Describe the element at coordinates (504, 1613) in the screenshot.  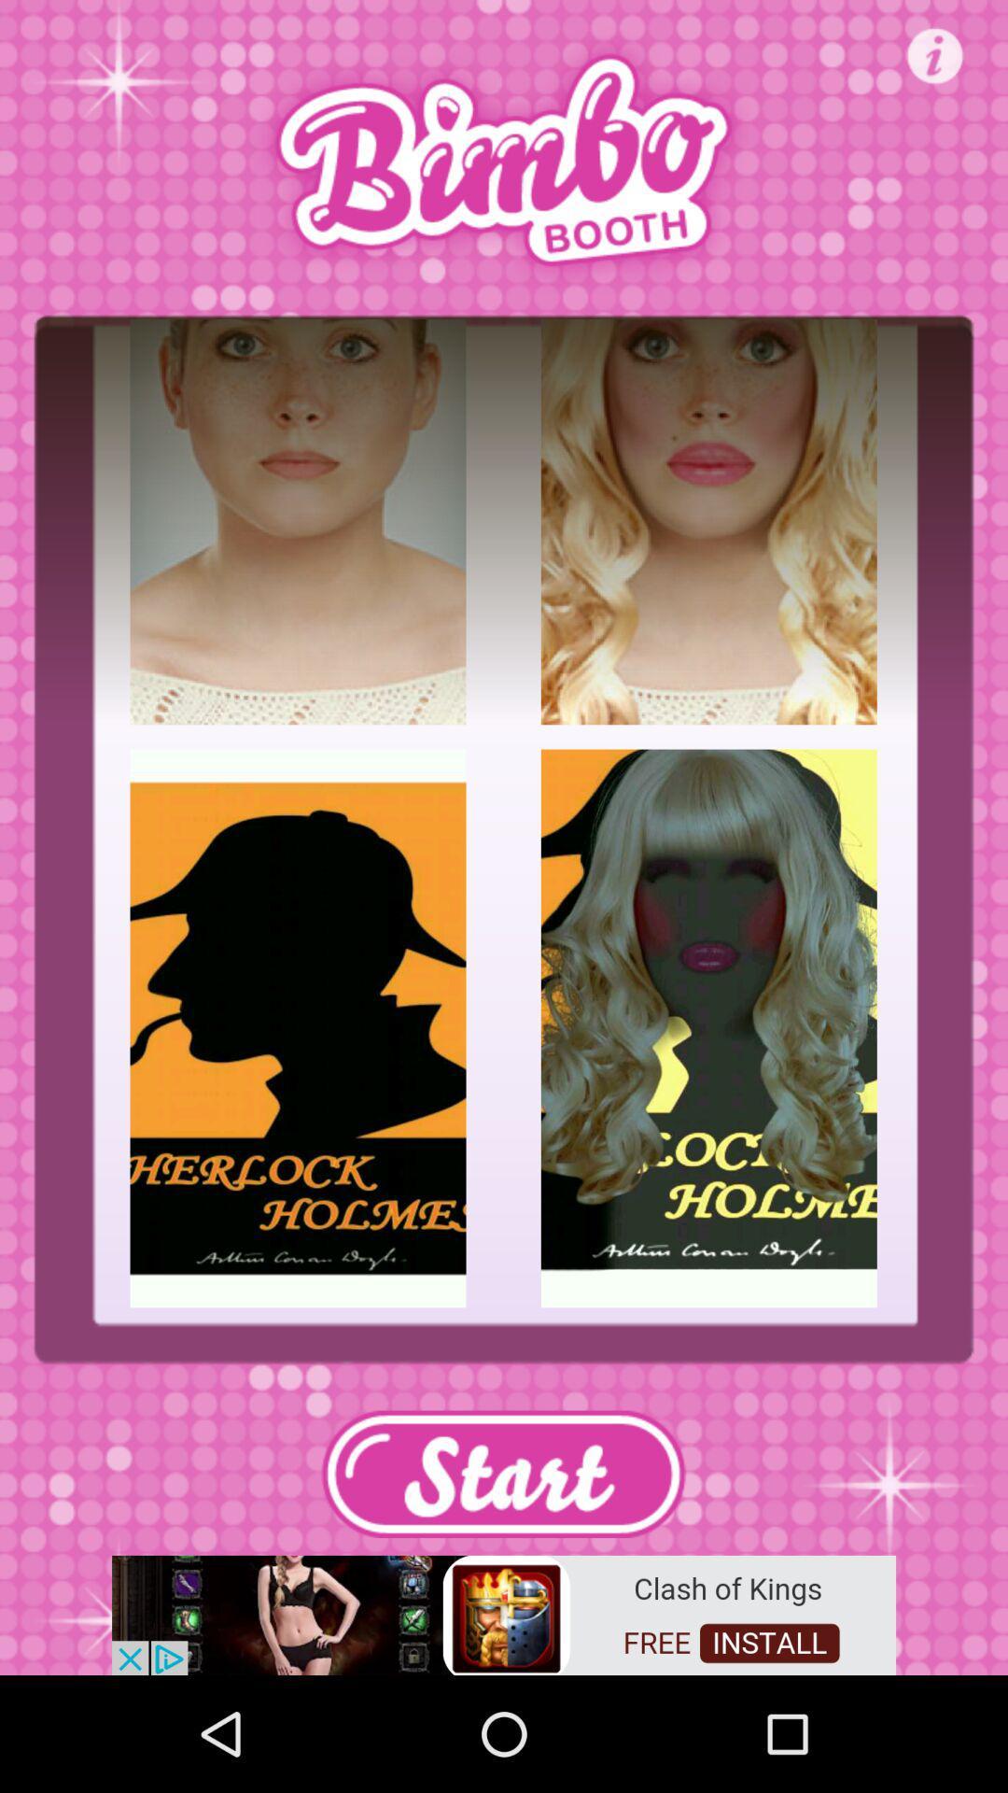
I see `view advertisement` at that location.